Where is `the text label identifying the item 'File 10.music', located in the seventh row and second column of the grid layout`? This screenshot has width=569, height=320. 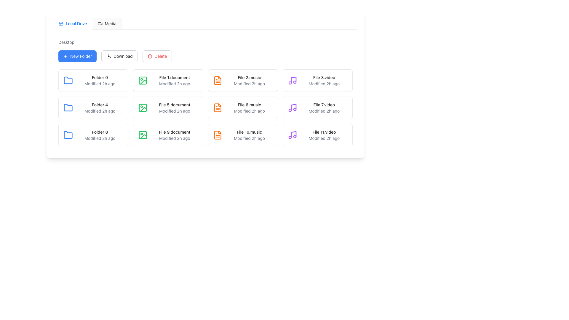
the text label identifying the item 'File 10.music', located in the seventh row and second column of the grid layout is located at coordinates (249, 132).